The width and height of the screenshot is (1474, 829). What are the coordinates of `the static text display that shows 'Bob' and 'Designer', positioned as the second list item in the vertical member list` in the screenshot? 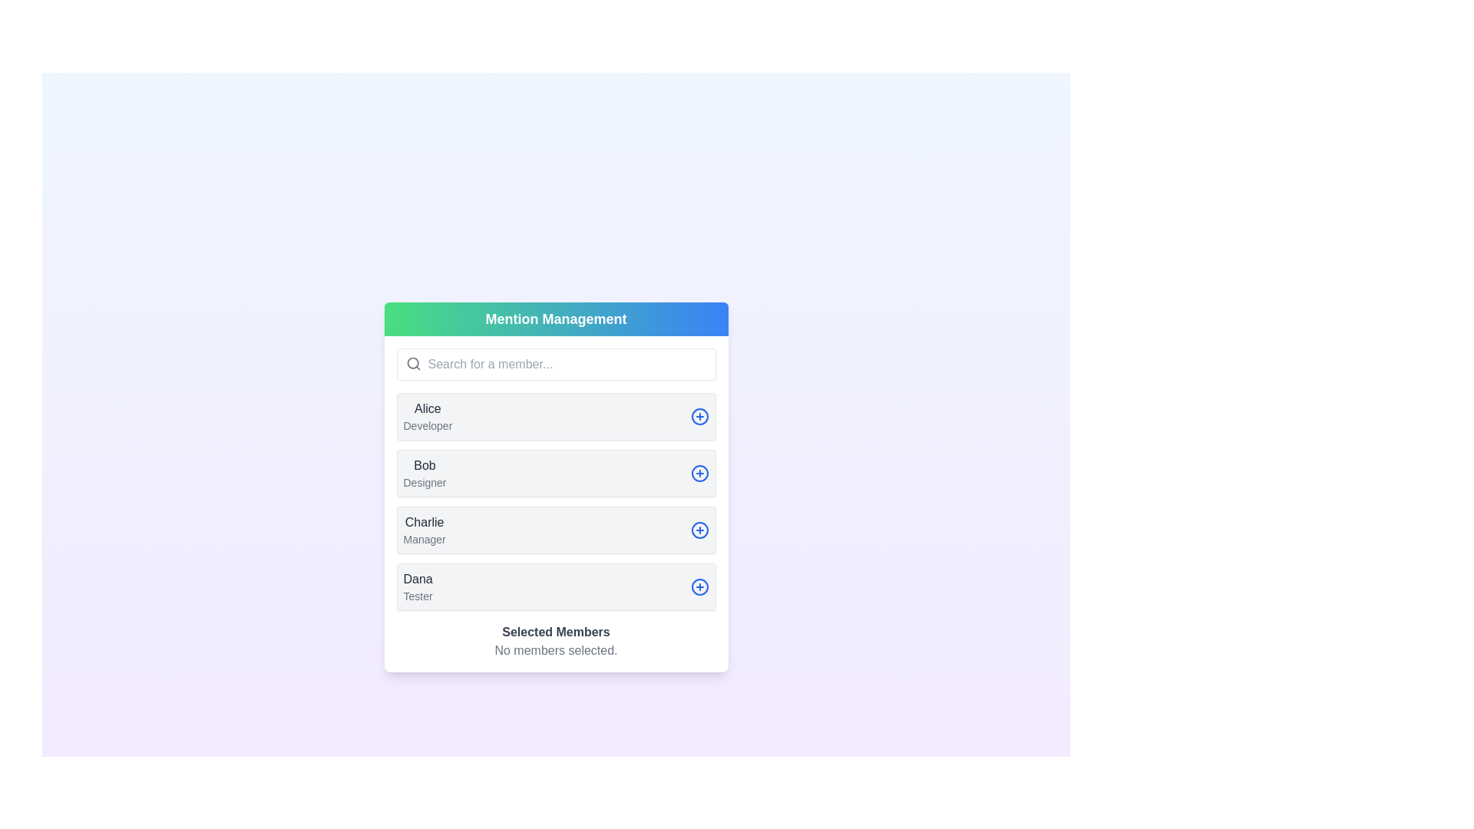 It's located at (425, 473).